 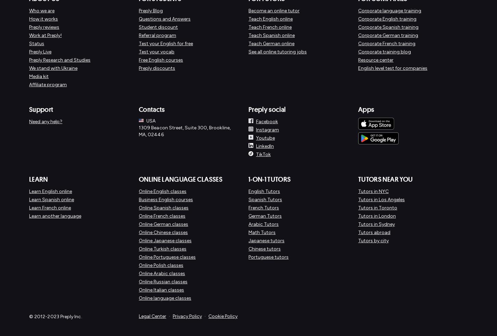 I want to click on '© 2012-2023 Preply Inc.', so click(x=55, y=316).